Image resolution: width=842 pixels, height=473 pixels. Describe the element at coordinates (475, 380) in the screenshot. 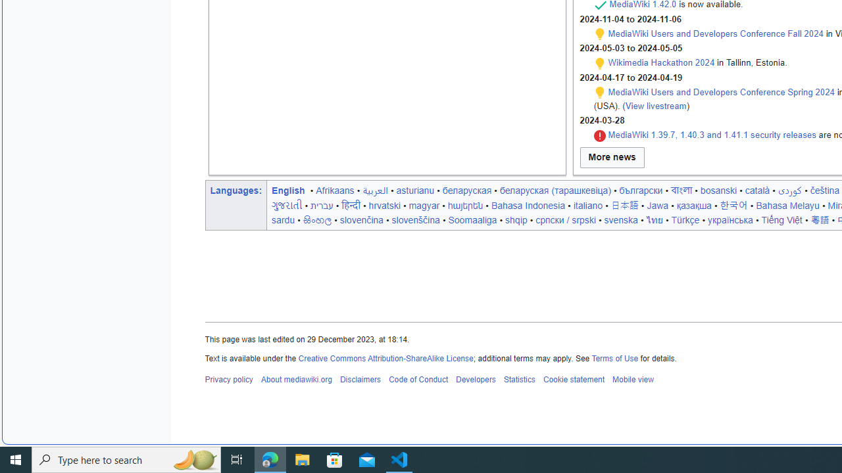

I see `'Developers'` at that location.